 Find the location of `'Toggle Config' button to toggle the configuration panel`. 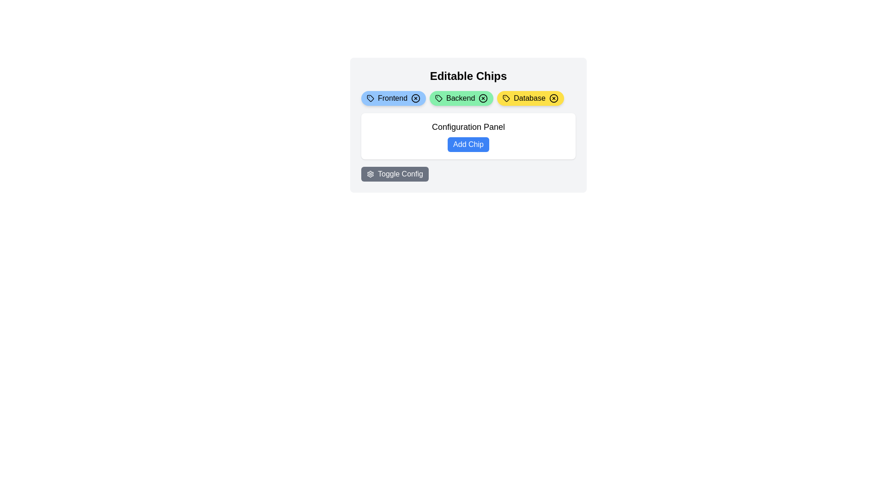

'Toggle Config' button to toggle the configuration panel is located at coordinates (395, 174).